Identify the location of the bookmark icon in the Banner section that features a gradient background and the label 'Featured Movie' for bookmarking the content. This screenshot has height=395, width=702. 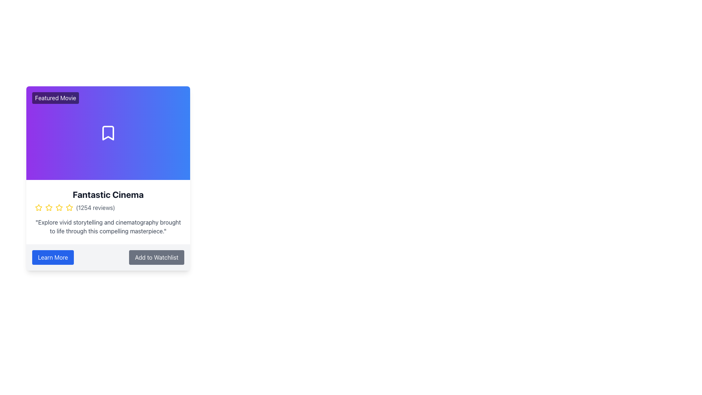
(108, 133).